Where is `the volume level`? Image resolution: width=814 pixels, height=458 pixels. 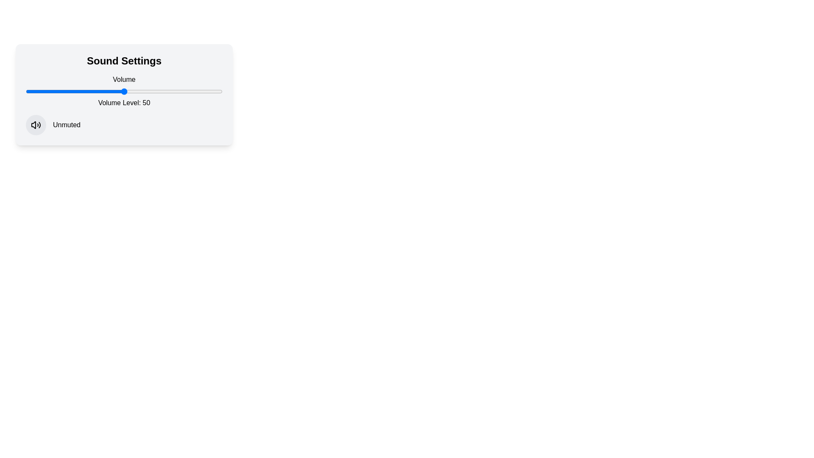 the volume level is located at coordinates (114, 92).